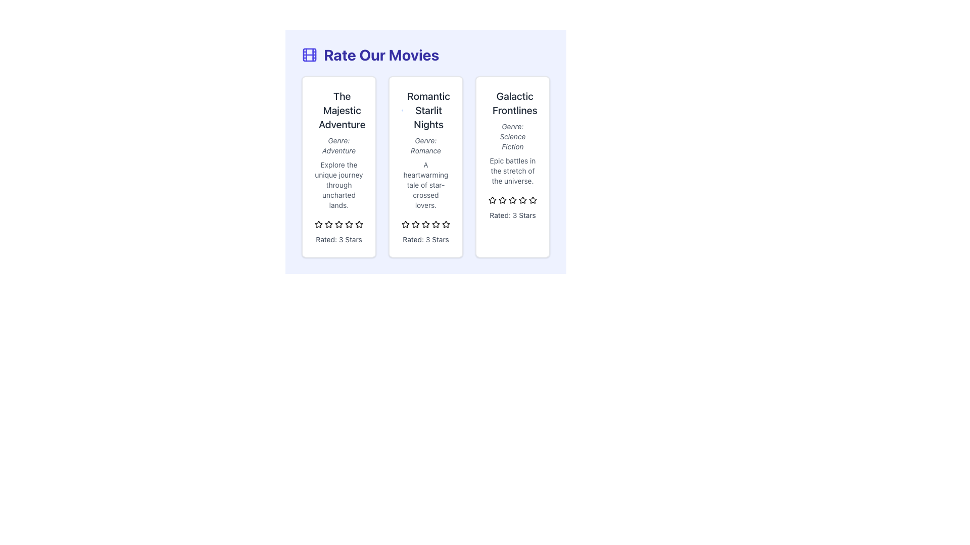 This screenshot has height=545, width=970. Describe the element at coordinates (339, 224) in the screenshot. I see `the third star icon in the rating system of 'The Majestic Adventure' card to rate it` at that location.